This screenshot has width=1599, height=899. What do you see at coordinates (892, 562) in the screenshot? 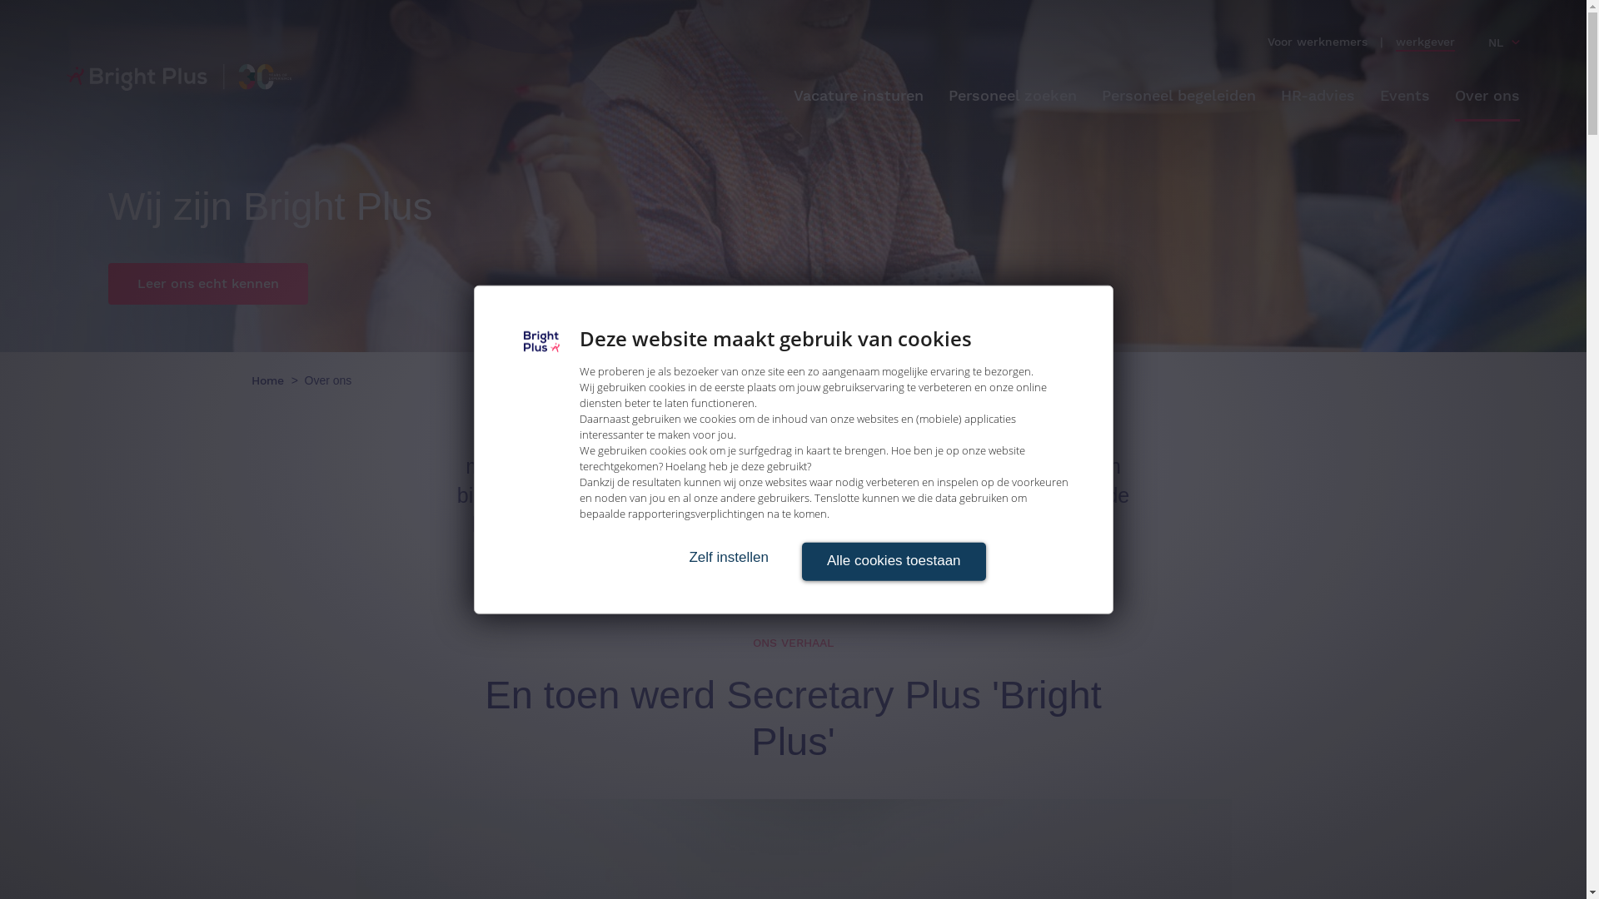
I see `'Alle cookies toestaan'` at bounding box center [892, 562].